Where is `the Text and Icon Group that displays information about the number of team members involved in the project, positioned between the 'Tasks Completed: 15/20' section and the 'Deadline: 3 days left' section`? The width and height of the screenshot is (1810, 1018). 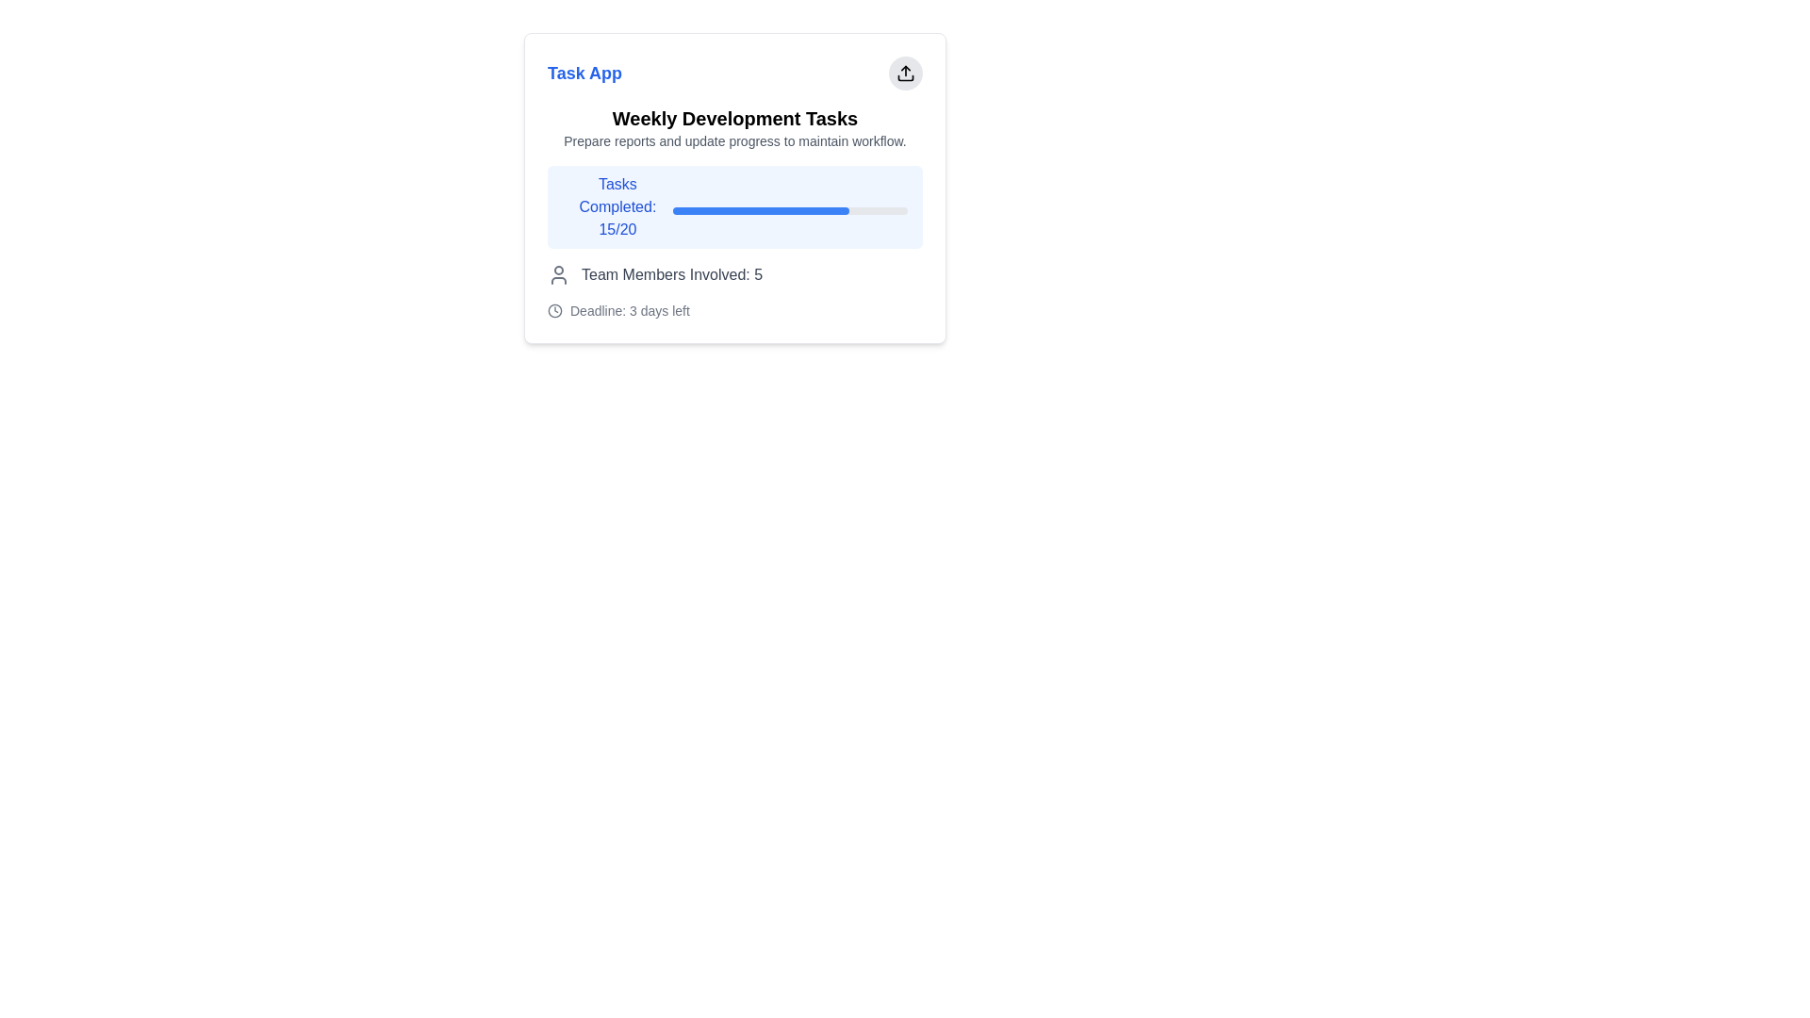
the Text and Icon Group that displays information about the number of team members involved in the project, positioned between the 'Tasks Completed: 15/20' section and the 'Deadline: 3 days left' section is located at coordinates (733, 275).